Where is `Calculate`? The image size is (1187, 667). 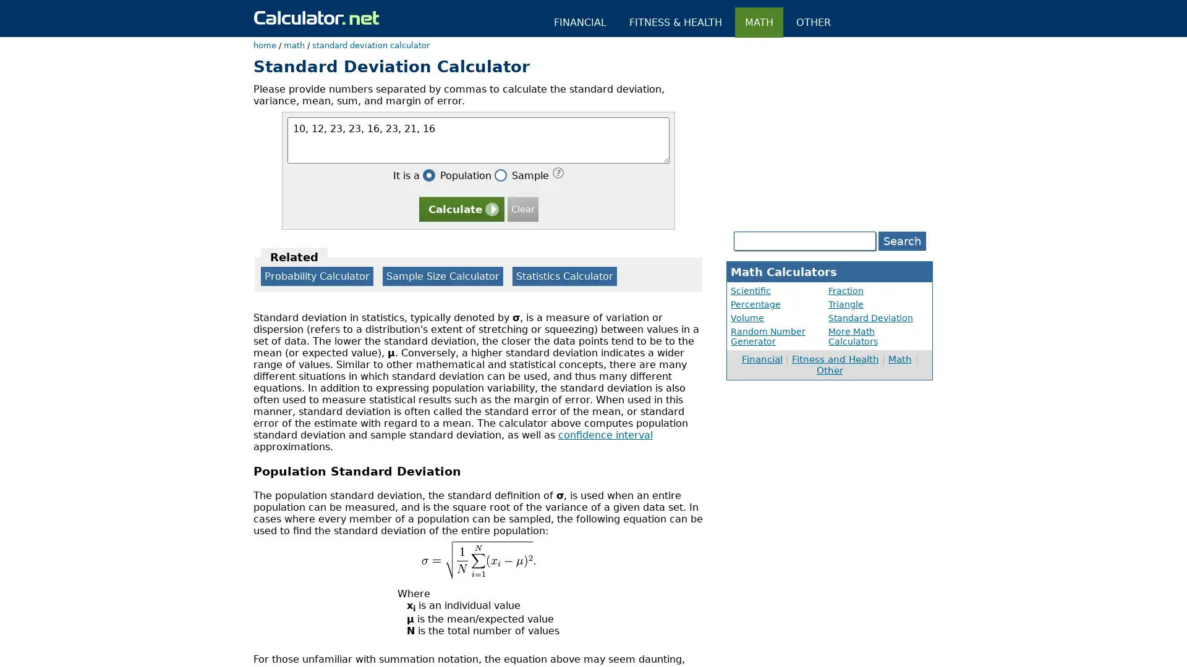
Calculate is located at coordinates (460, 209).